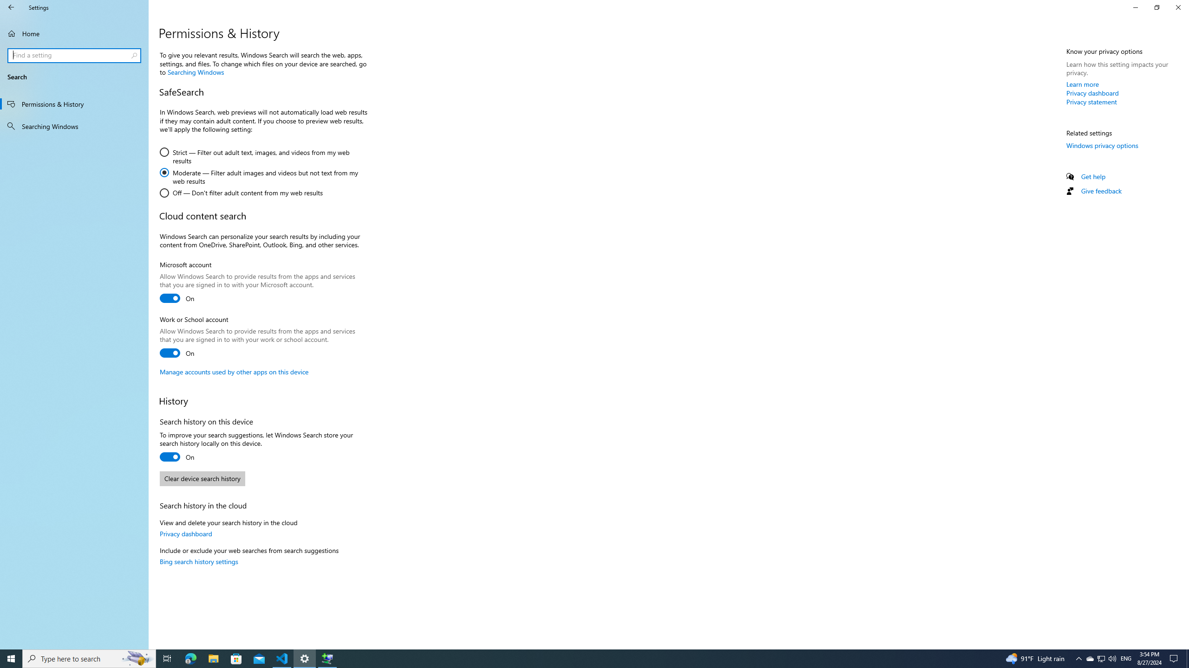 This screenshot has height=668, width=1189. What do you see at coordinates (74, 103) in the screenshot?
I see `'Permissions & History'` at bounding box center [74, 103].